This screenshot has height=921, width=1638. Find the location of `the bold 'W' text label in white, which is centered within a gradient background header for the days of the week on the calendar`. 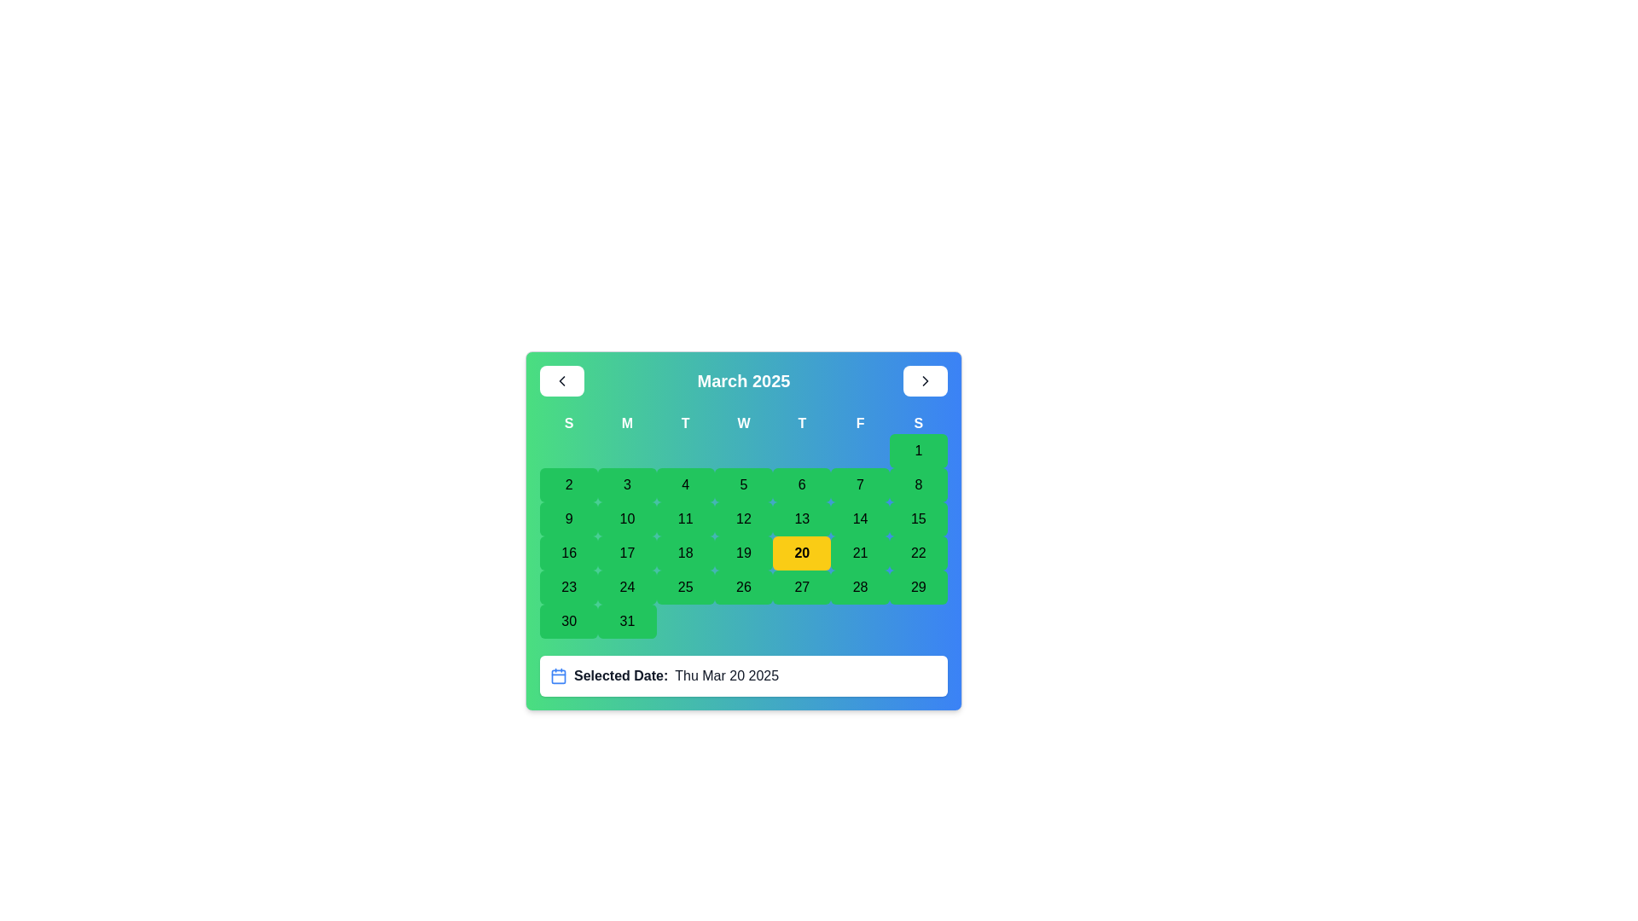

the bold 'W' text label in white, which is centered within a gradient background header for the days of the week on the calendar is located at coordinates (744, 423).